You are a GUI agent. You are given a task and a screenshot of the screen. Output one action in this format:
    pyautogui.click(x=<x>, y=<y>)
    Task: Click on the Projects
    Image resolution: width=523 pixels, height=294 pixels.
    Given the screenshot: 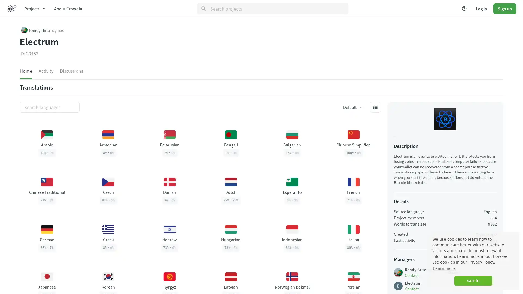 What is the action you would take?
    pyautogui.click(x=34, y=8)
    